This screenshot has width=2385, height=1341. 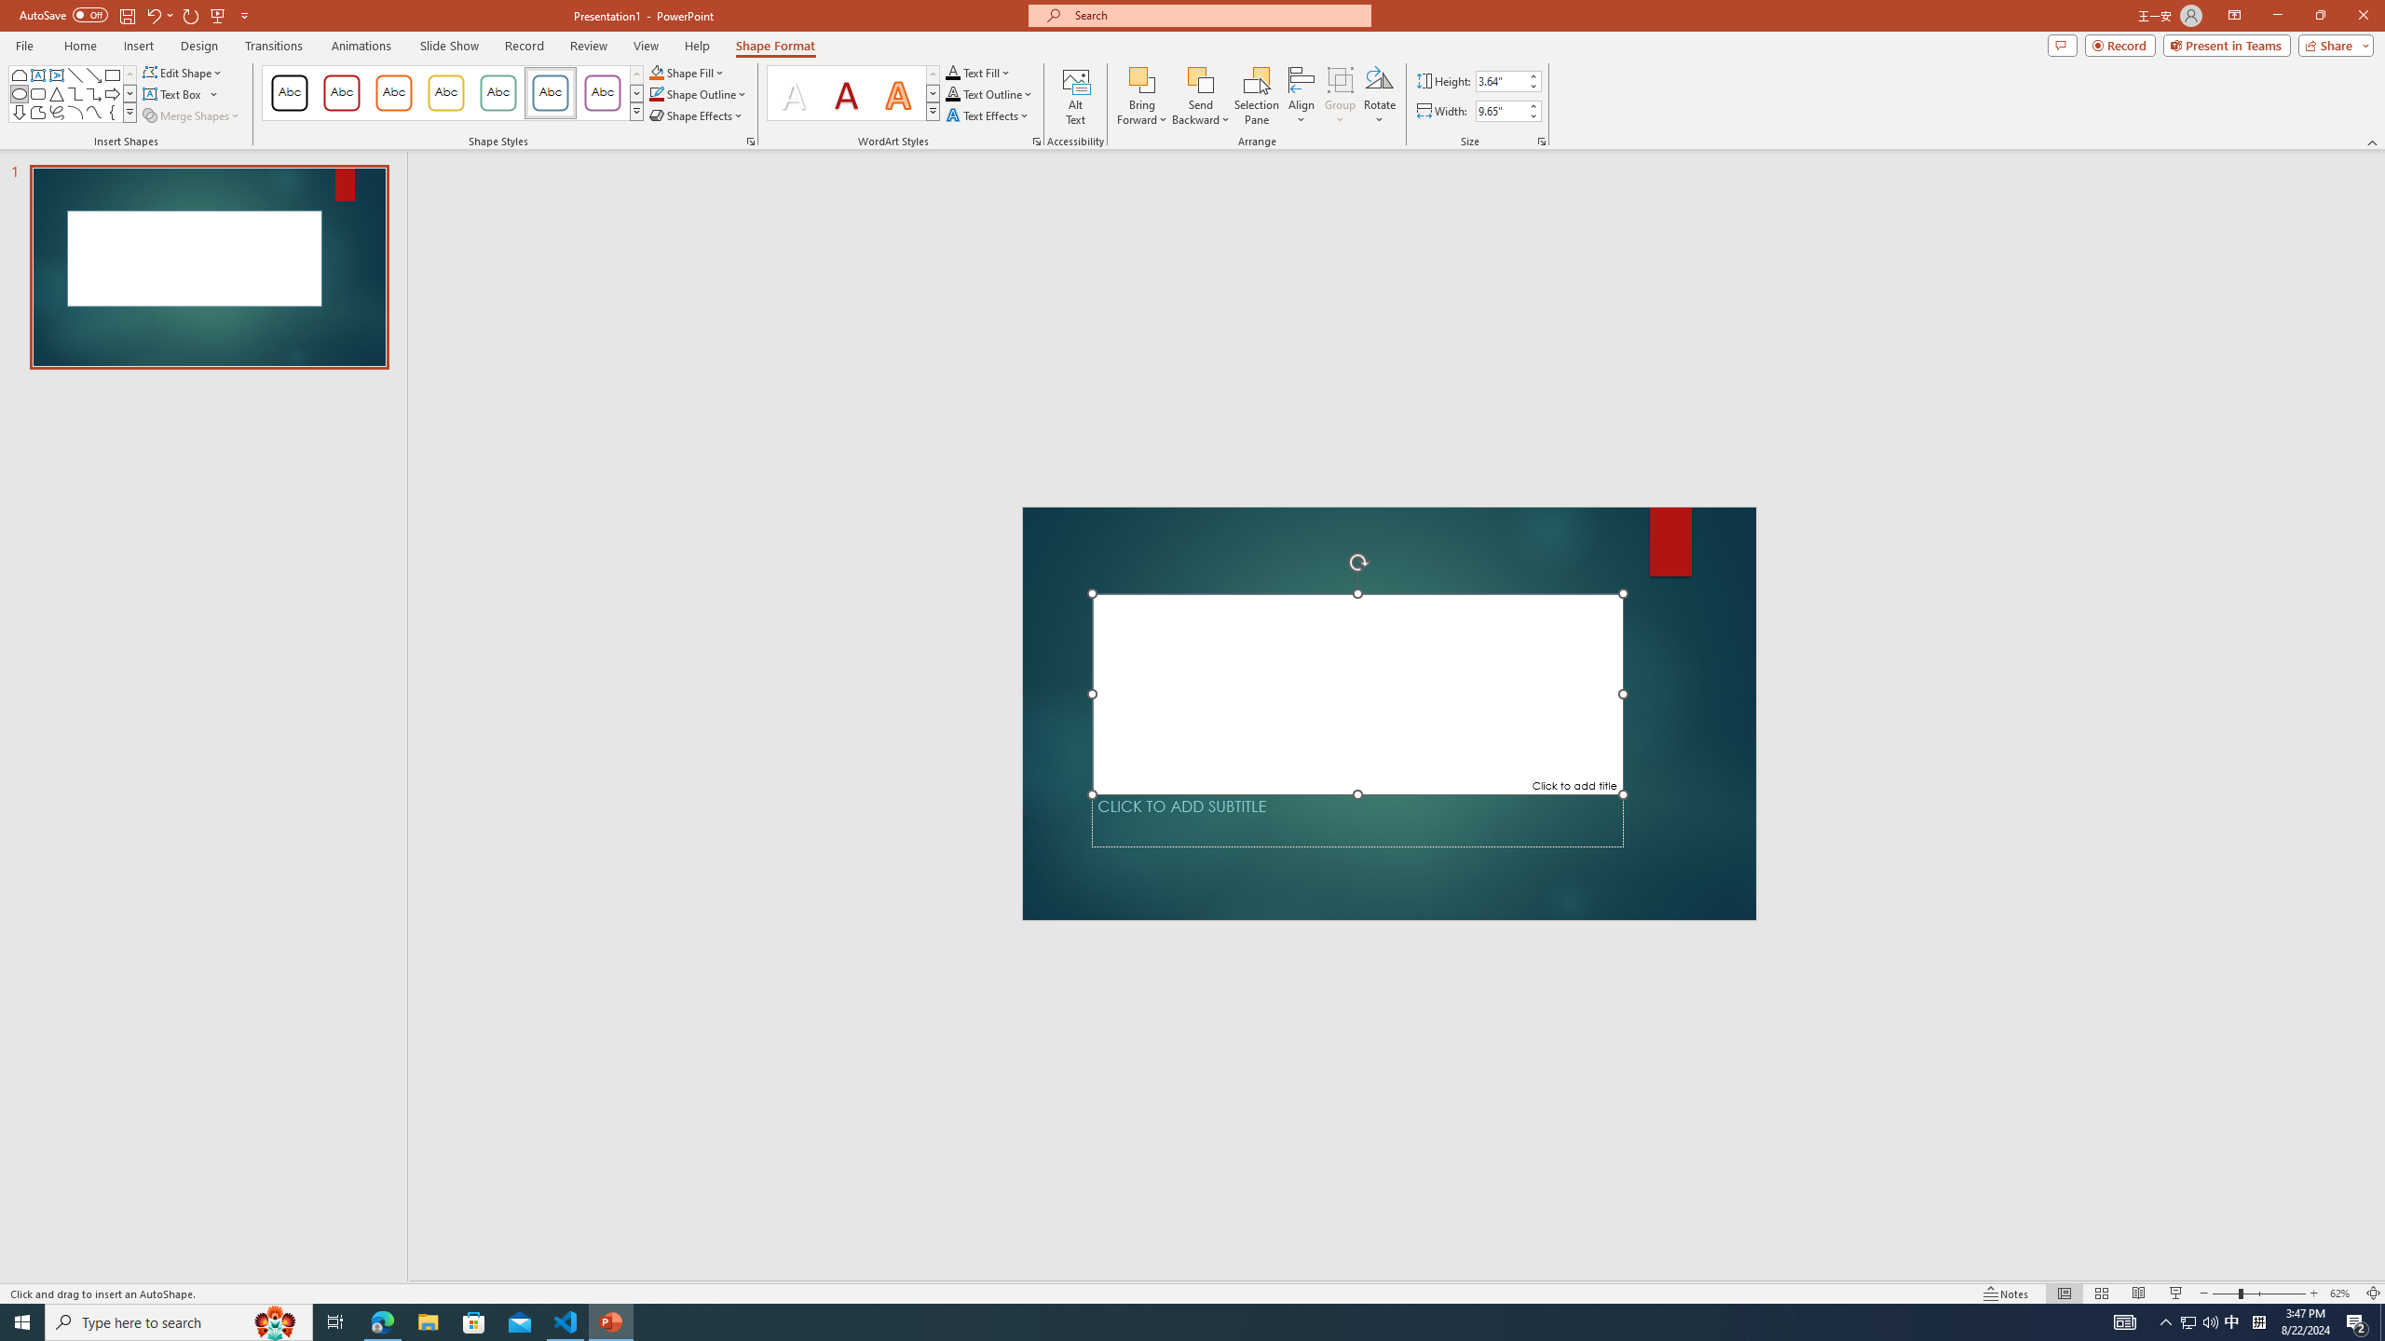 I want to click on 'Colored Outline - Purple, Accent 6', so click(x=603, y=92).